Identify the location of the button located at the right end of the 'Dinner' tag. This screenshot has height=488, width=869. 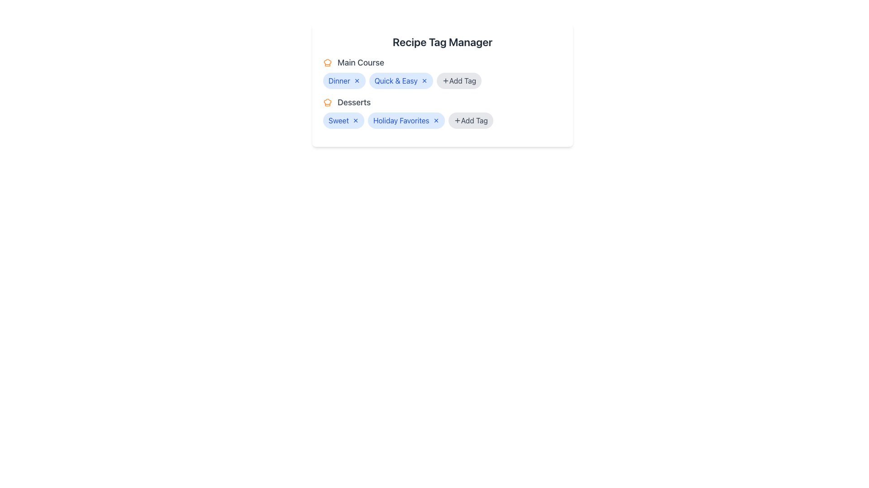
(356, 80).